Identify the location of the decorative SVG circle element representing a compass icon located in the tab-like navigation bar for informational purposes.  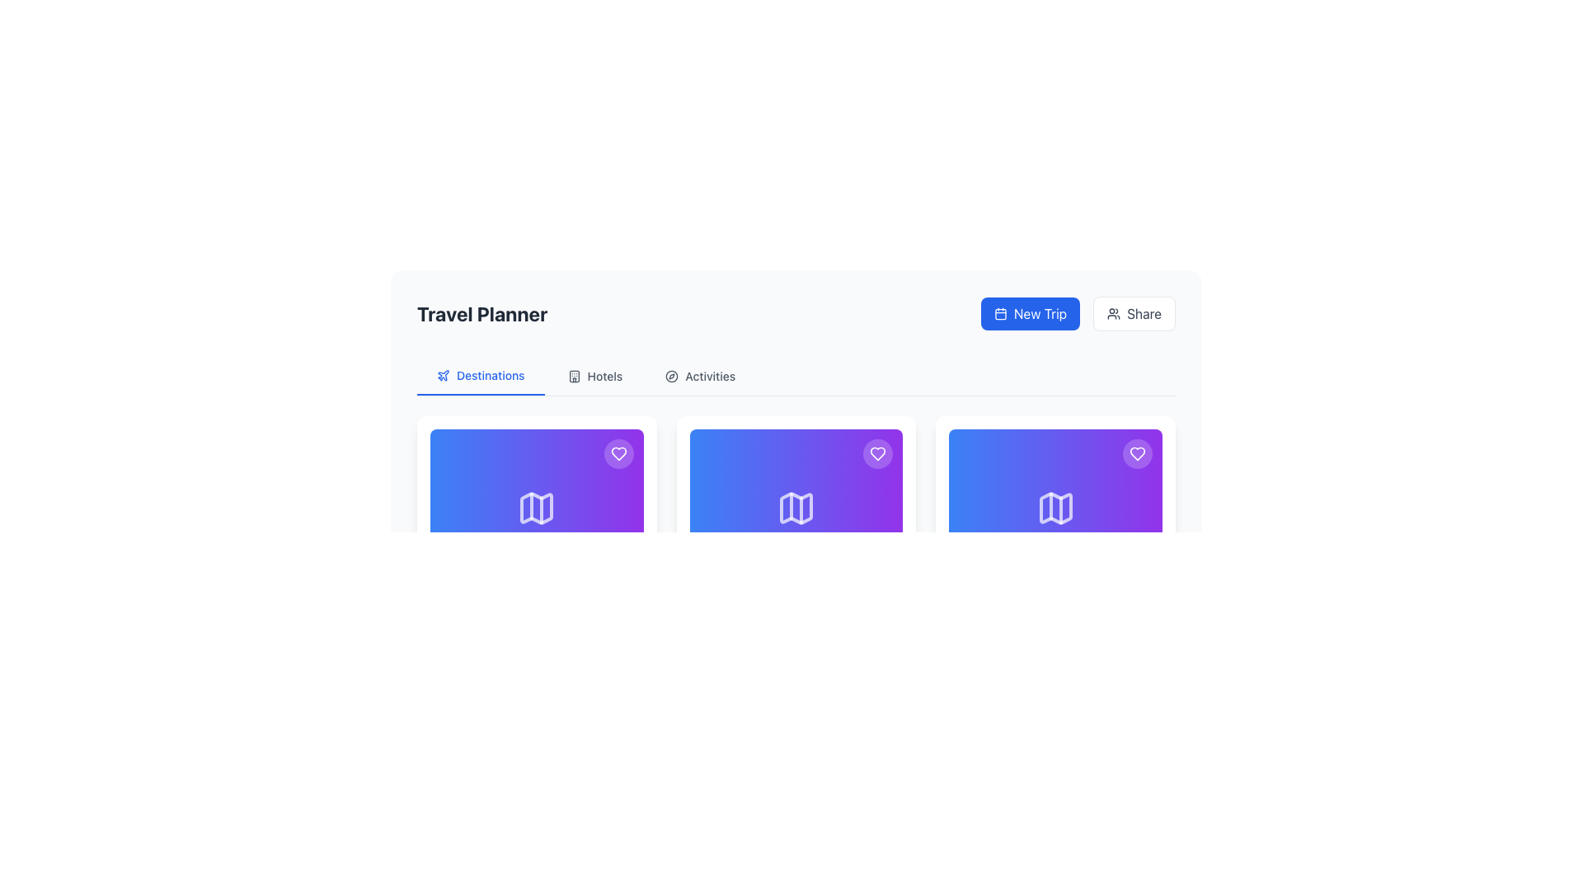
(672, 376).